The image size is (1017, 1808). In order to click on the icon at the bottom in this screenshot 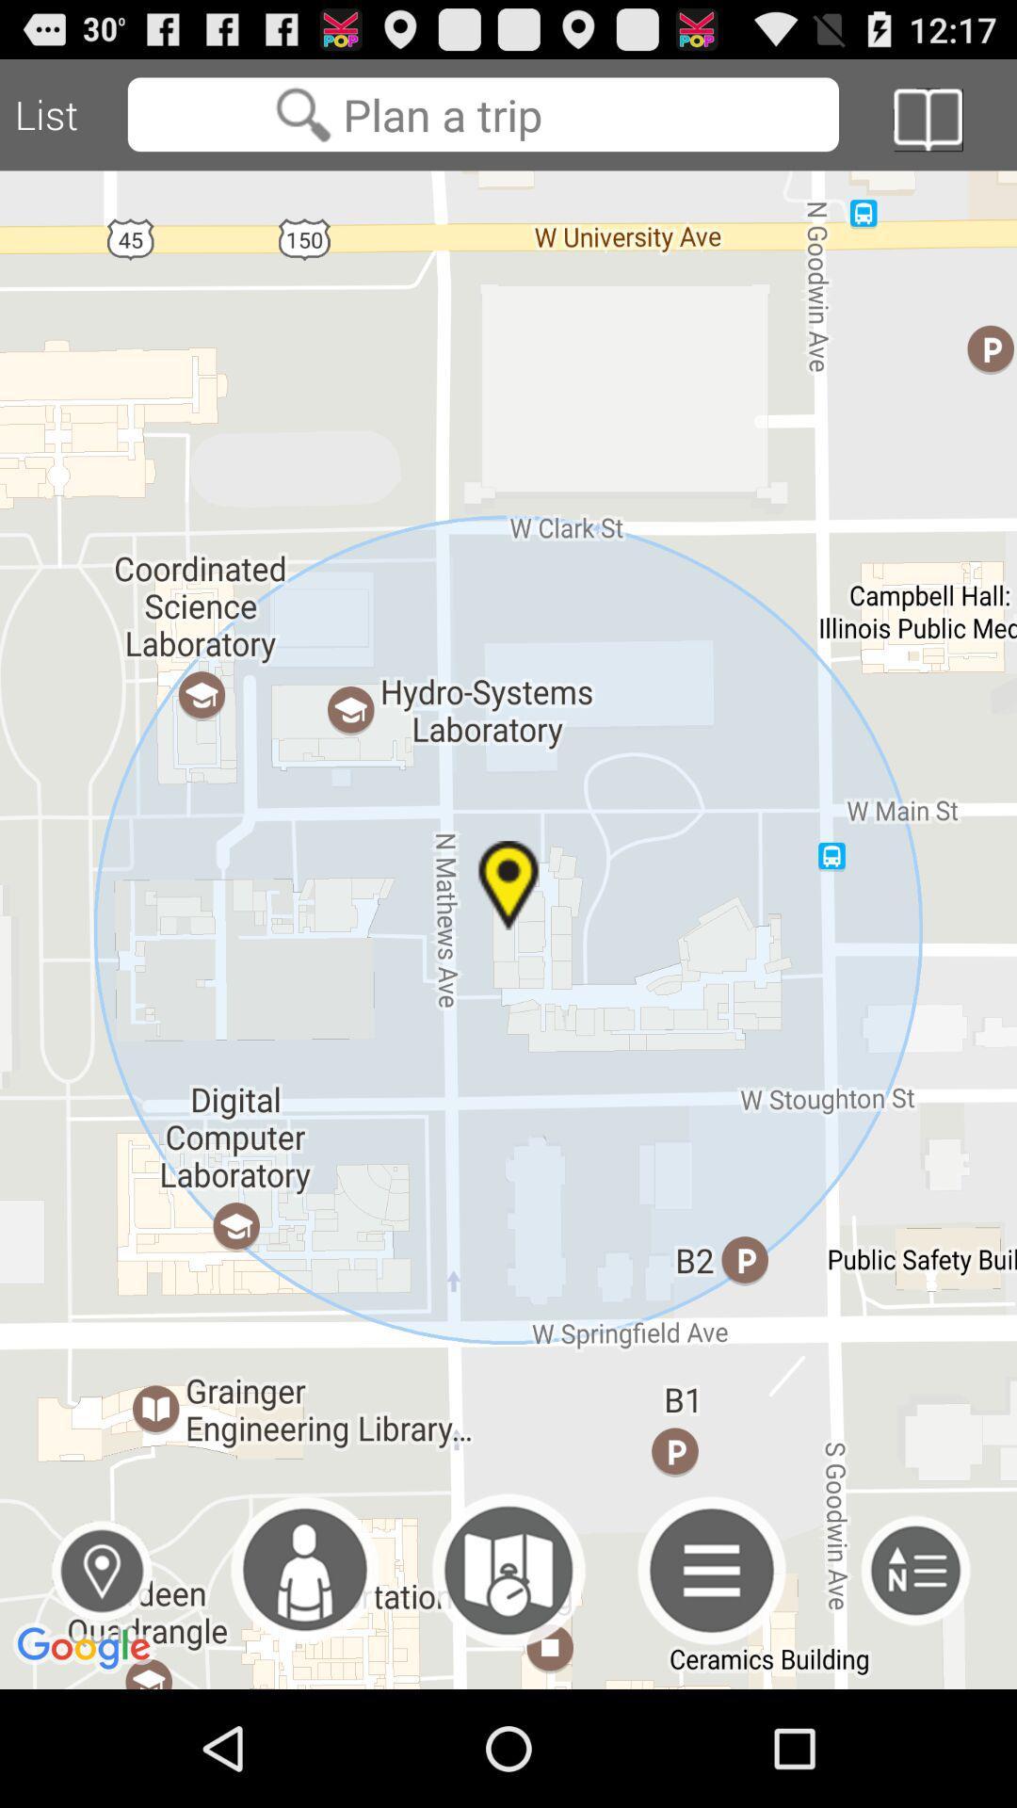, I will do `click(508, 1571)`.